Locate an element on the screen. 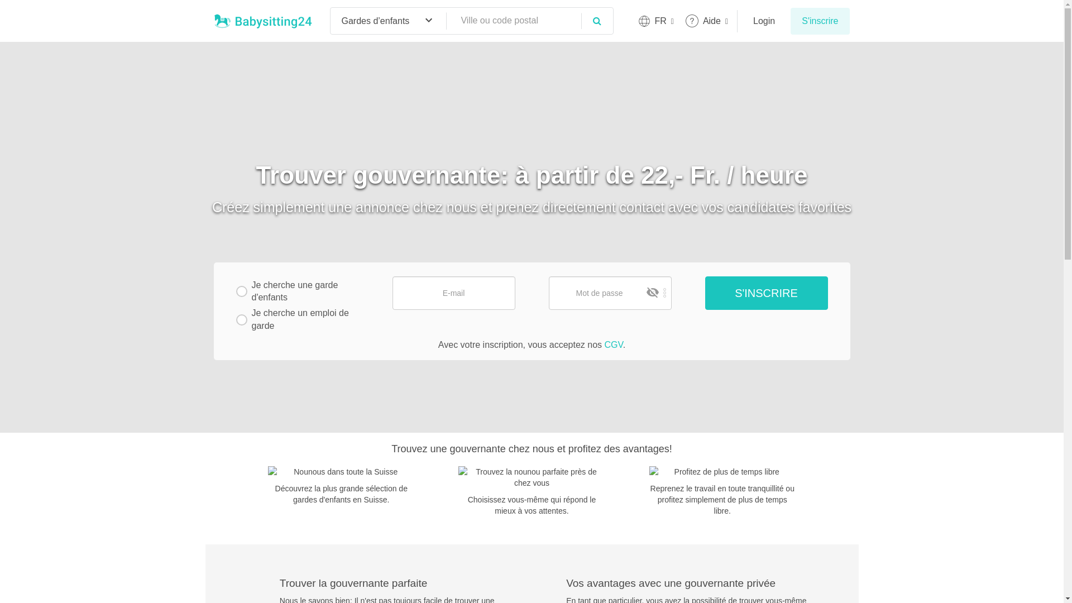 Image resolution: width=1072 pixels, height=603 pixels. 'CGV' is located at coordinates (612, 344).